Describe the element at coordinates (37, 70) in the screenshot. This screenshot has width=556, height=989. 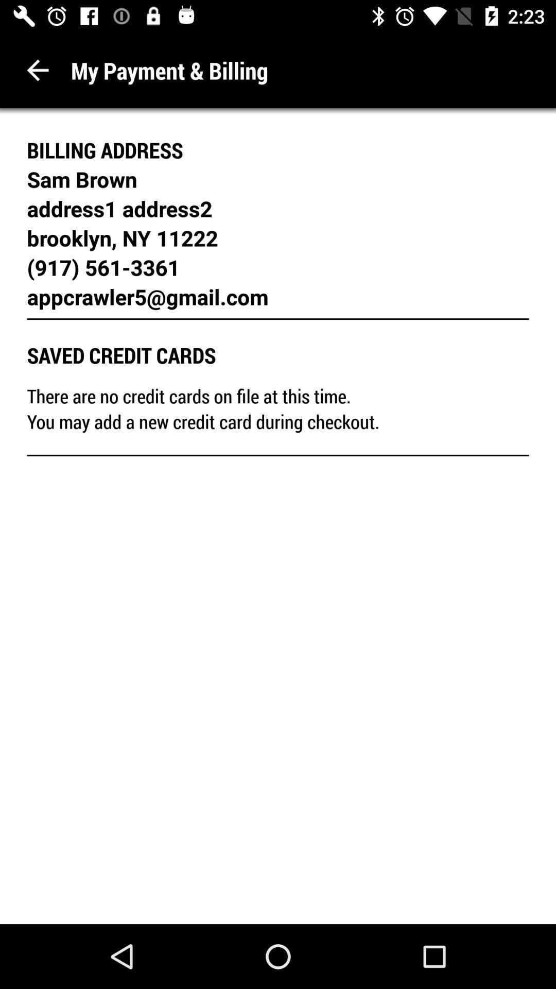
I see `icon next to my payment & billing` at that location.